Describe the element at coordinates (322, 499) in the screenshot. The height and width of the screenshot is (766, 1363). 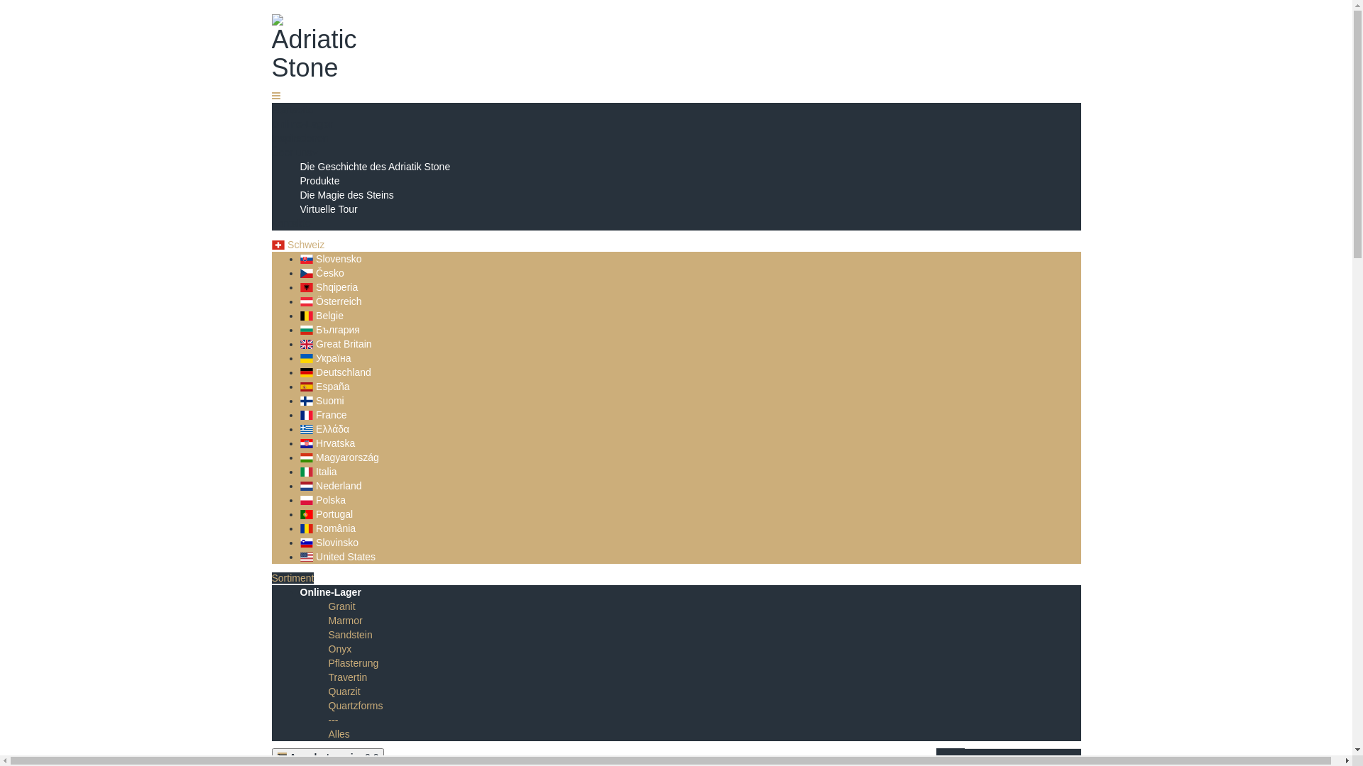
I see `' Polska'` at that location.